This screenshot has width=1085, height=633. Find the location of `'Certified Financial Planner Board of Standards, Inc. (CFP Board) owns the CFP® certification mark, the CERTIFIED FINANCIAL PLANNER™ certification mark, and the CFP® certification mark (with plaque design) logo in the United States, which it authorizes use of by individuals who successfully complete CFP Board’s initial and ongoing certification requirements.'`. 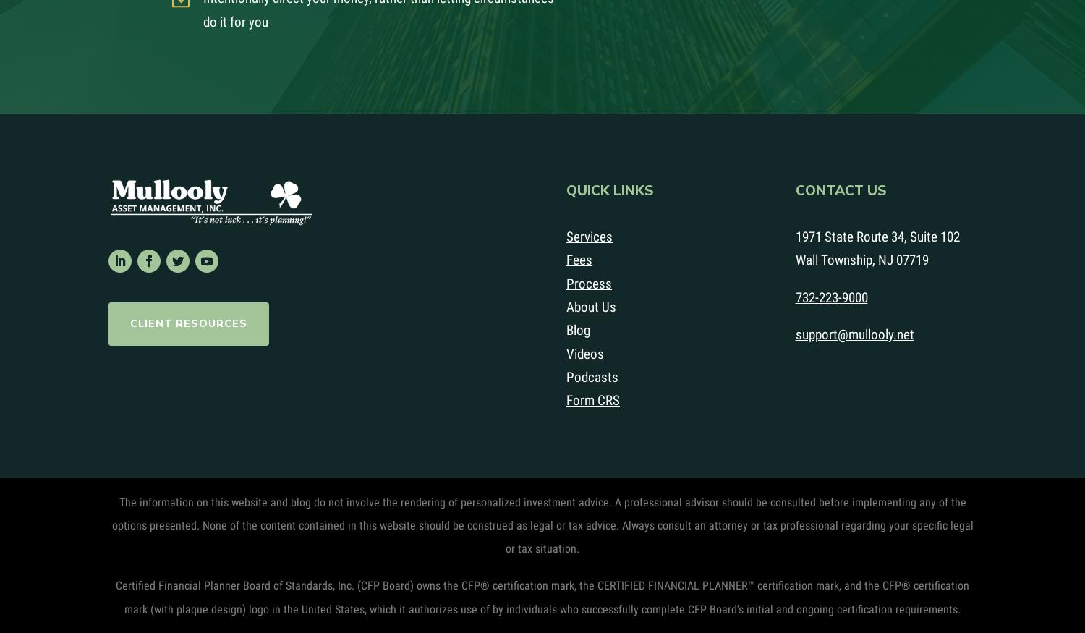

'Certified Financial Planner Board of Standards, Inc. (CFP Board) owns the CFP® certification mark, the CERTIFIED FINANCIAL PLANNER™ certification mark, and the CFP® certification mark (with plaque design) logo in the United States, which it authorizes use of by individuals who successfully complete CFP Board’s initial and ongoing certification requirements.' is located at coordinates (542, 597).